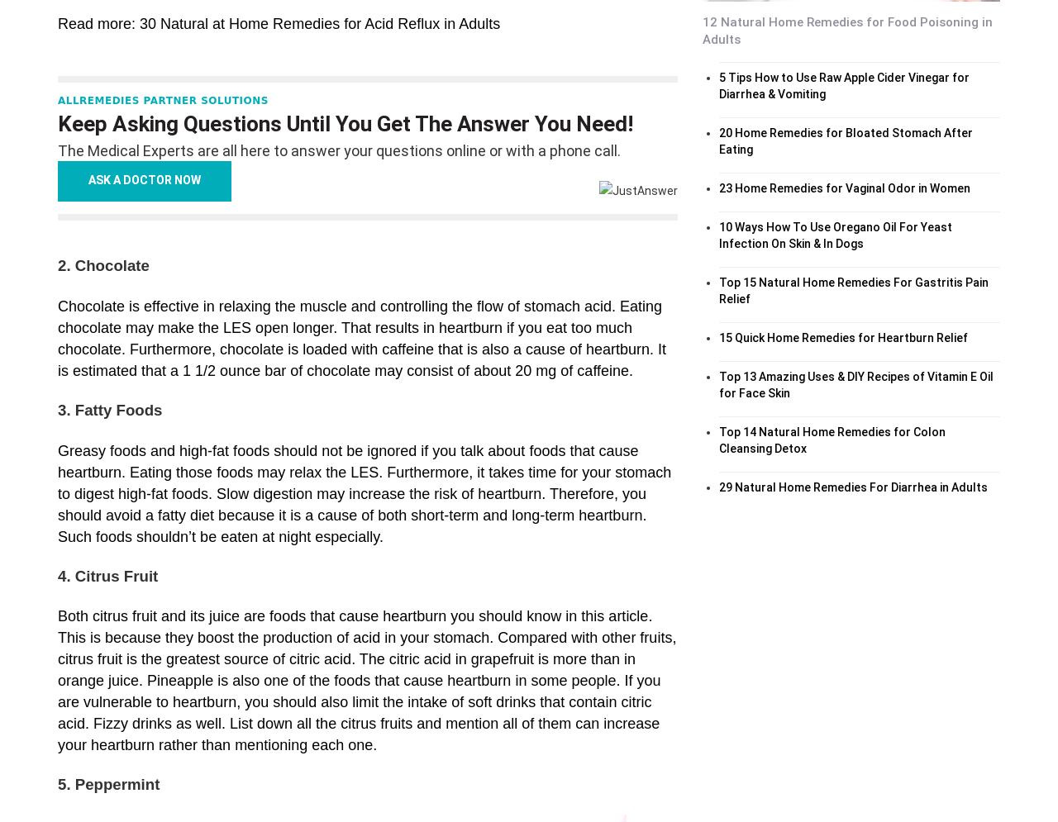  What do you see at coordinates (58, 536) in the screenshot?
I see `'Such foods shouldn’t be eaten at night especially.'` at bounding box center [58, 536].